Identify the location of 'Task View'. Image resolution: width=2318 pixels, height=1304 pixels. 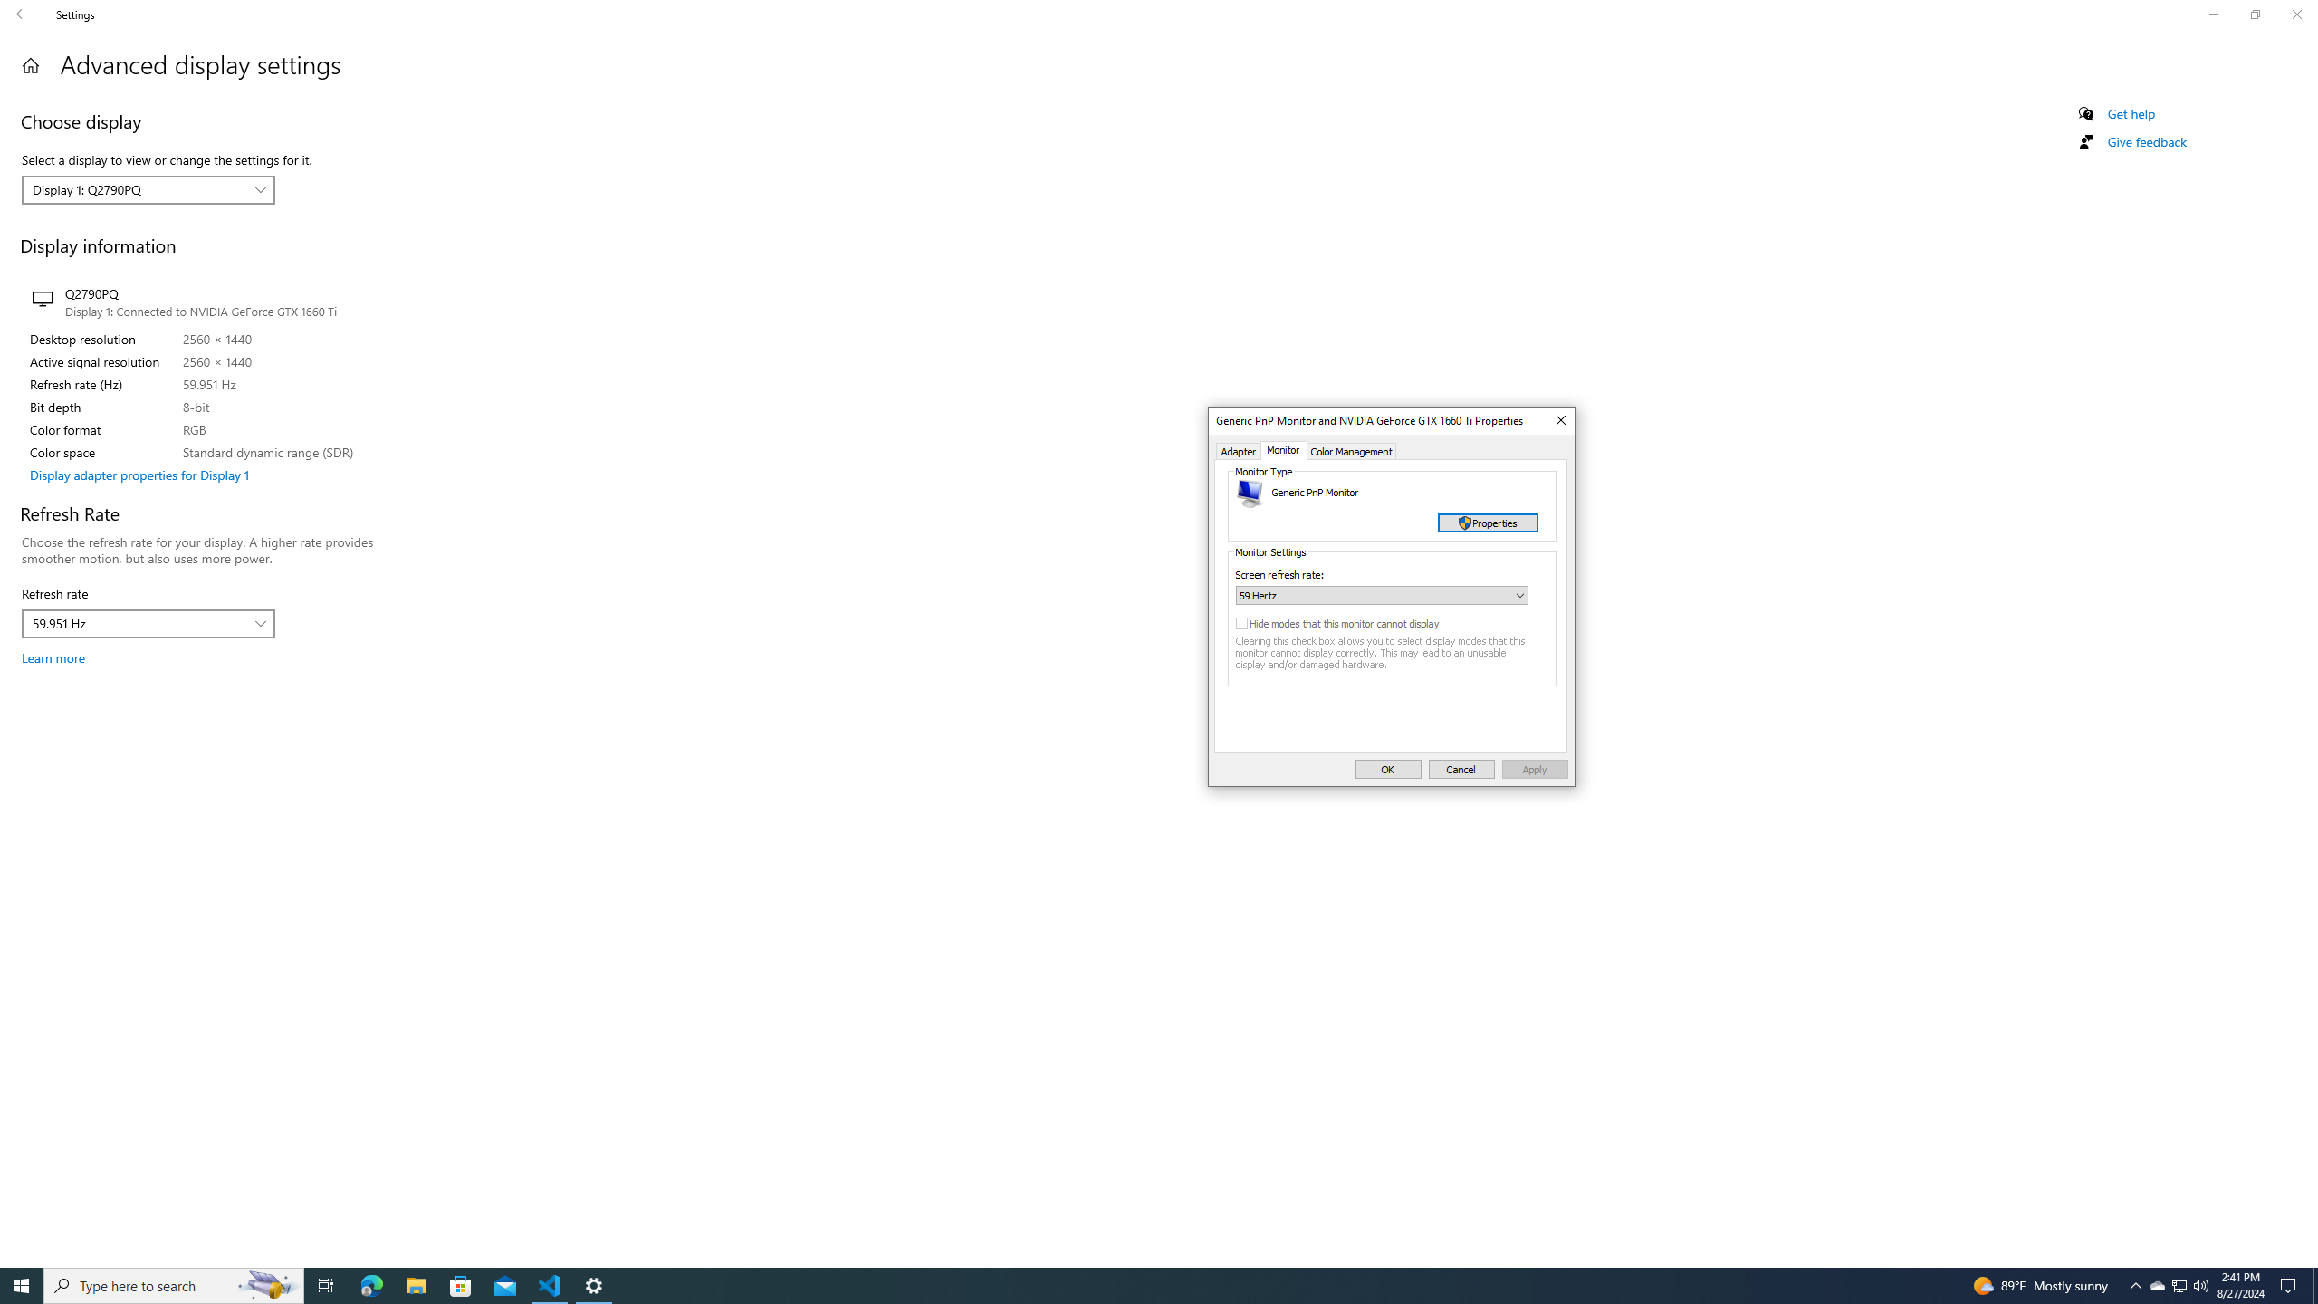
(324, 1284).